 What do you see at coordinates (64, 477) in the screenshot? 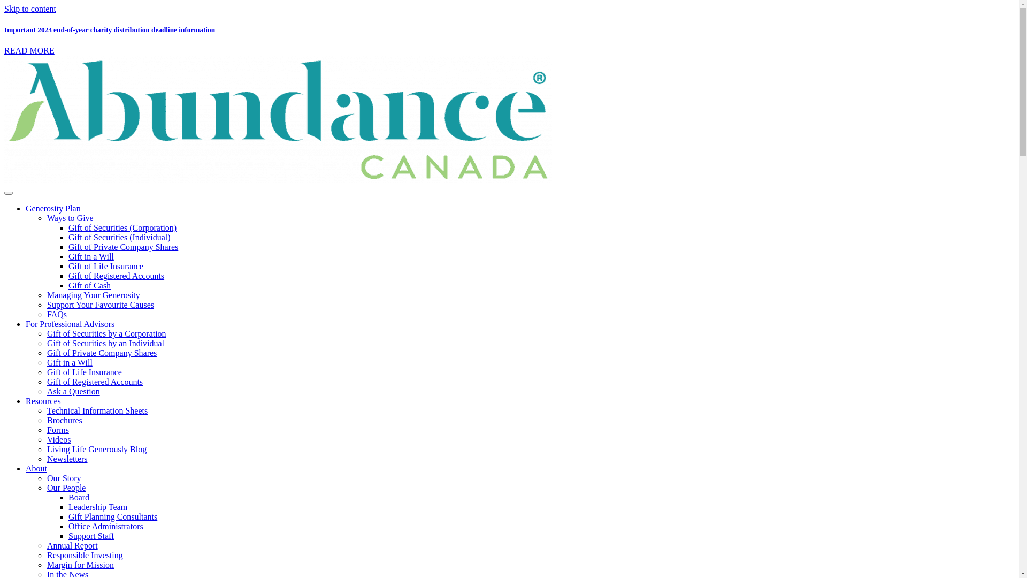
I see `'Our Story'` at bounding box center [64, 477].